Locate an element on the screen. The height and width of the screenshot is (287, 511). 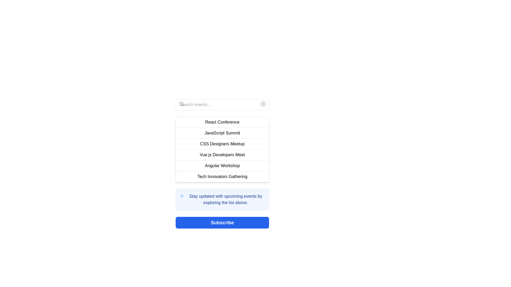
the blue notification box that contains a bell icon and the message 'Stay updated with upcoming events by exploring the list above.' is located at coordinates (222, 200).